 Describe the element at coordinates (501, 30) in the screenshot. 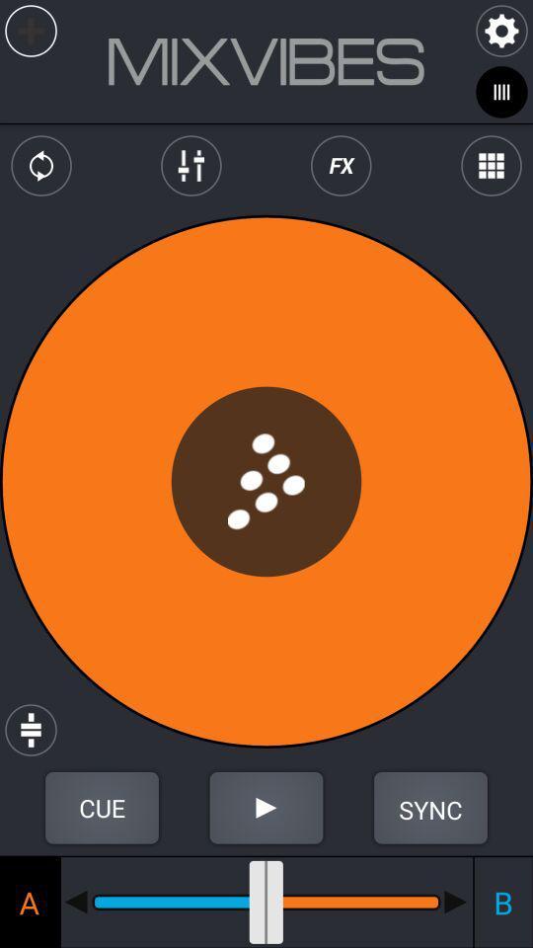

I see `the settings icon` at that location.